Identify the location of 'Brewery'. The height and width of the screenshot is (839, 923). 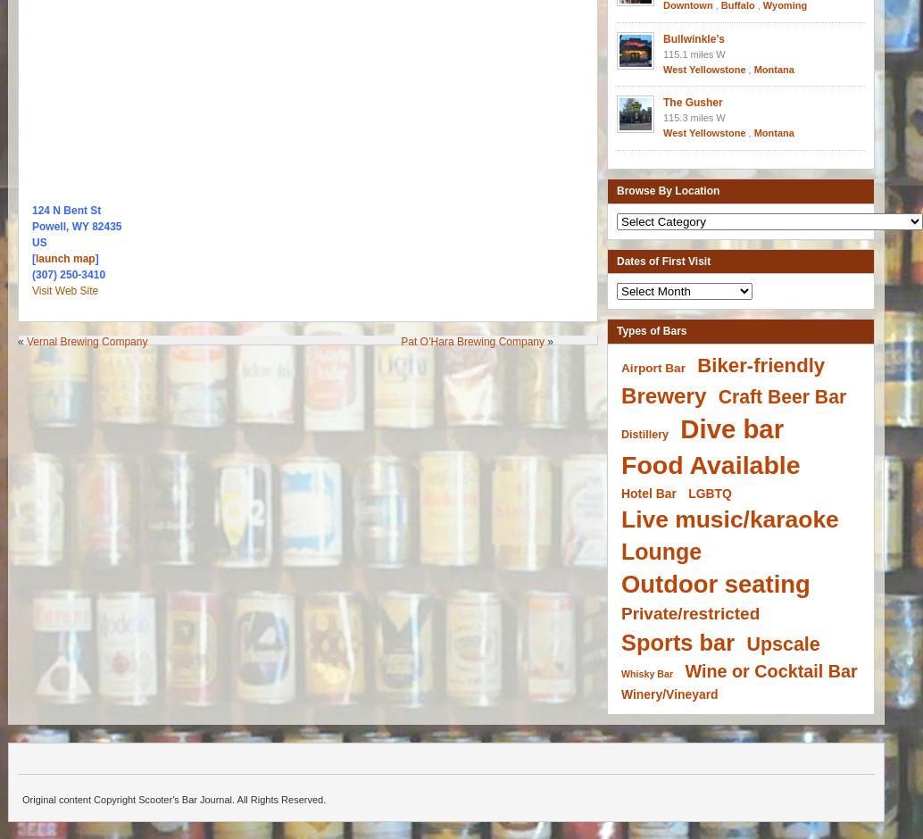
(663, 394).